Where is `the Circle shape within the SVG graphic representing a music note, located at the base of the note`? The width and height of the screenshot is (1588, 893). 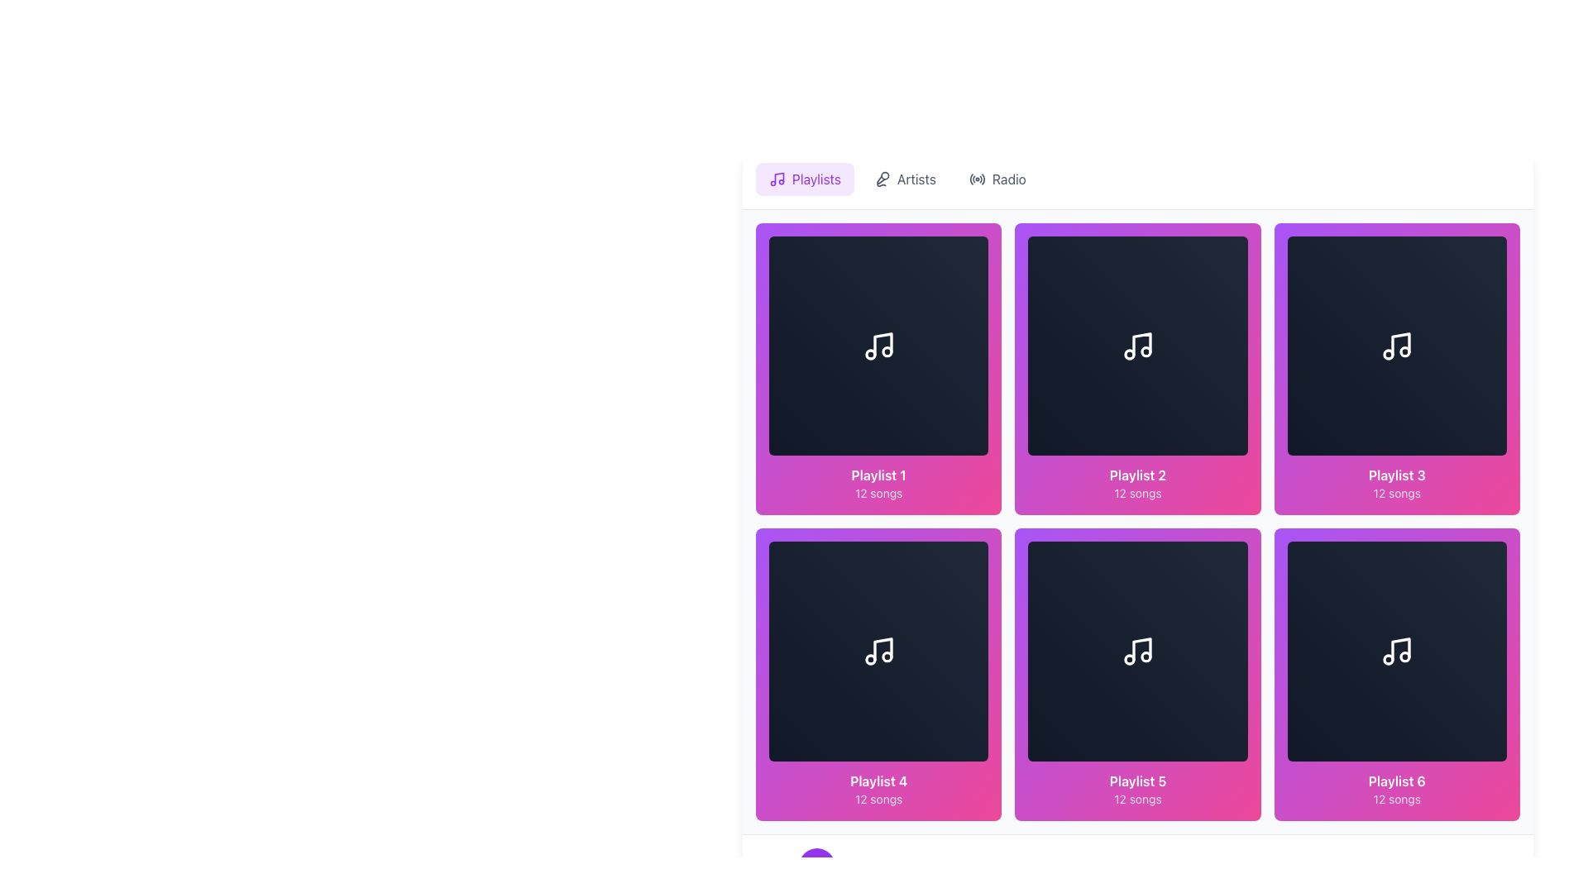
the Circle shape within the SVG graphic representing a music note, located at the base of the note is located at coordinates (1146, 351).